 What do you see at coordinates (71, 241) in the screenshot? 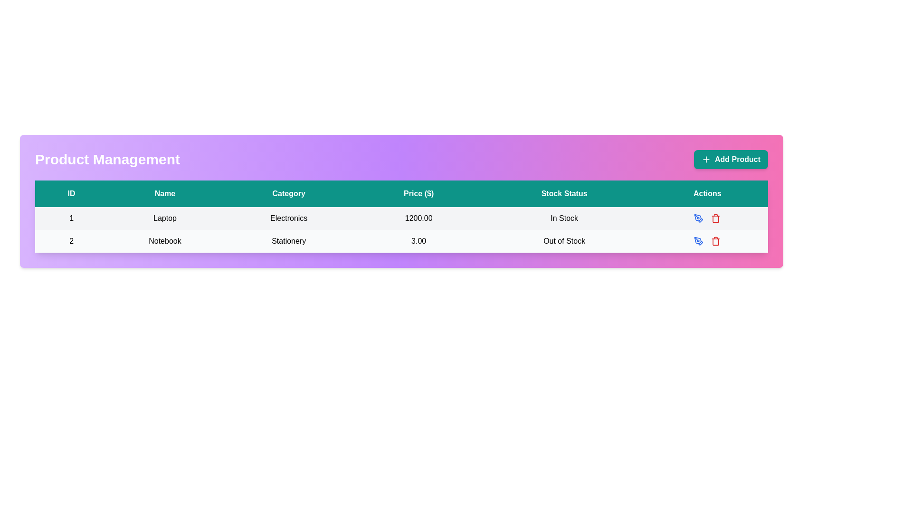
I see `the bold numerical digit '2' representing the ID of the product 'Notebook' in the second row of the 'Product Management' table` at bounding box center [71, 241].